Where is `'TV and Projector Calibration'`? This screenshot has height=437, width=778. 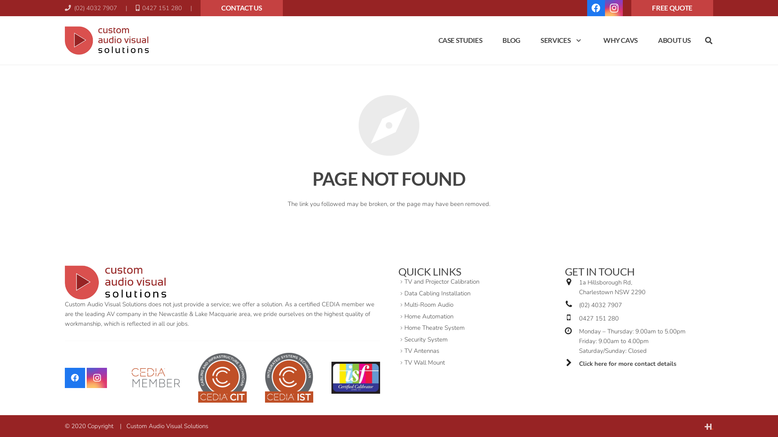 'TV and Projector Calibration' is located at coordinates (441, 281).